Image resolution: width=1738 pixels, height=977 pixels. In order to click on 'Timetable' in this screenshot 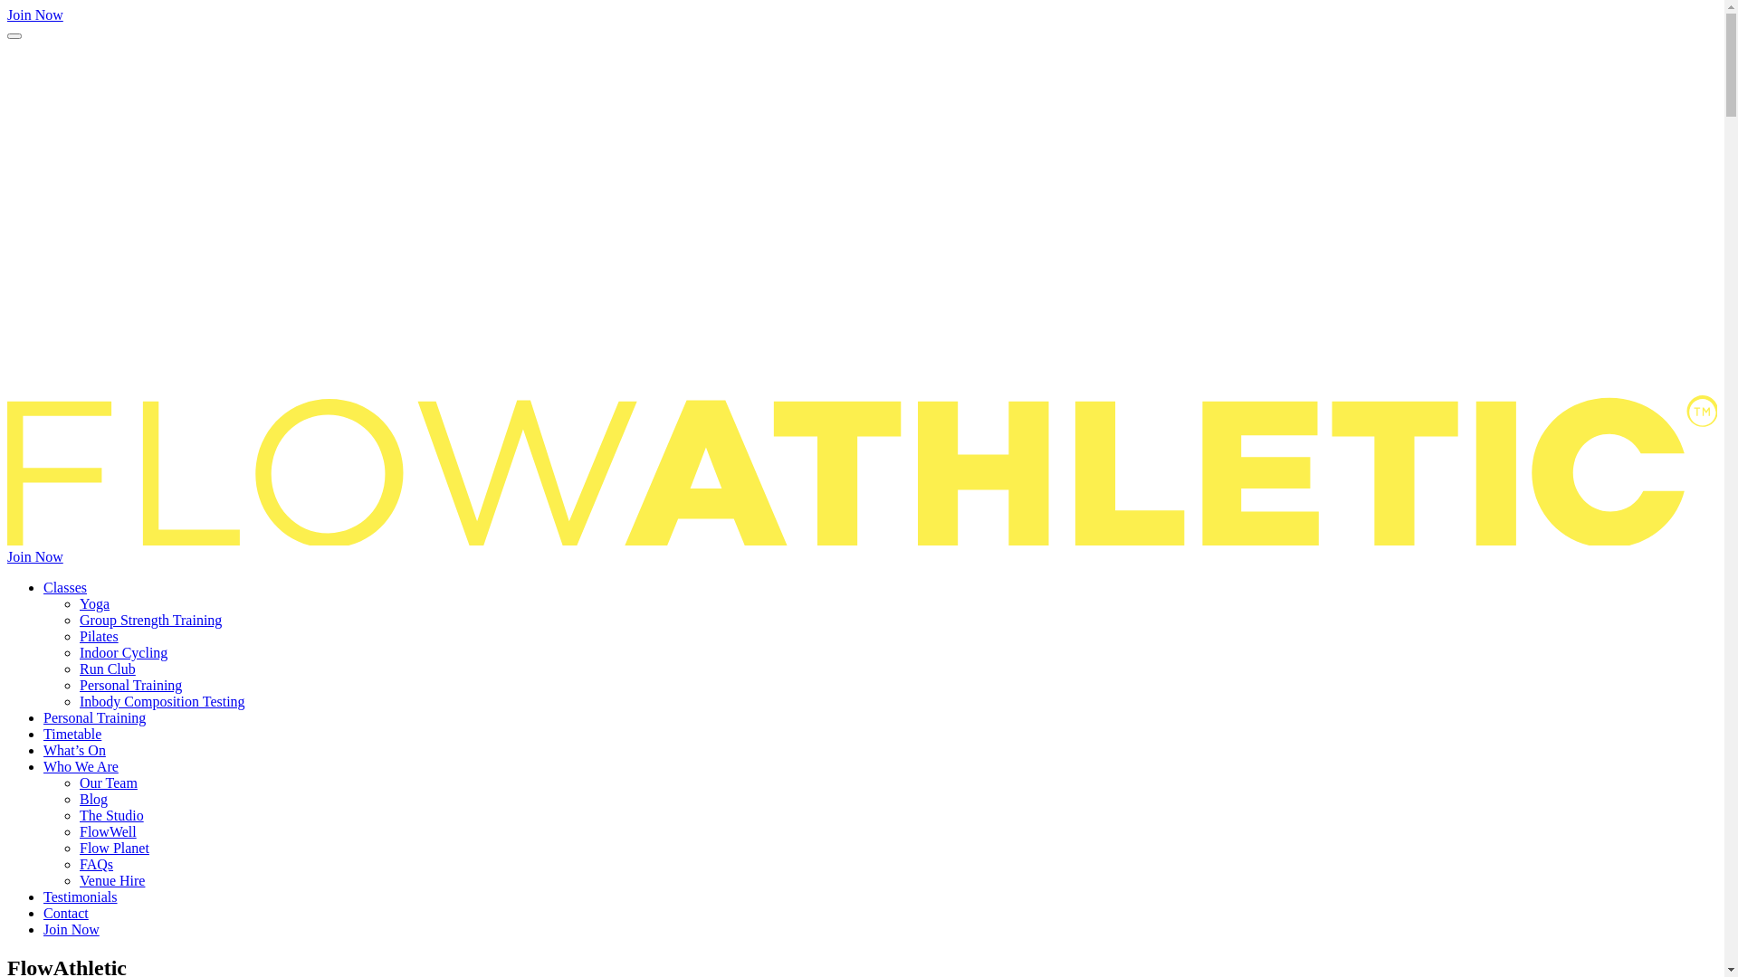, I will do `click(72, 734)`.